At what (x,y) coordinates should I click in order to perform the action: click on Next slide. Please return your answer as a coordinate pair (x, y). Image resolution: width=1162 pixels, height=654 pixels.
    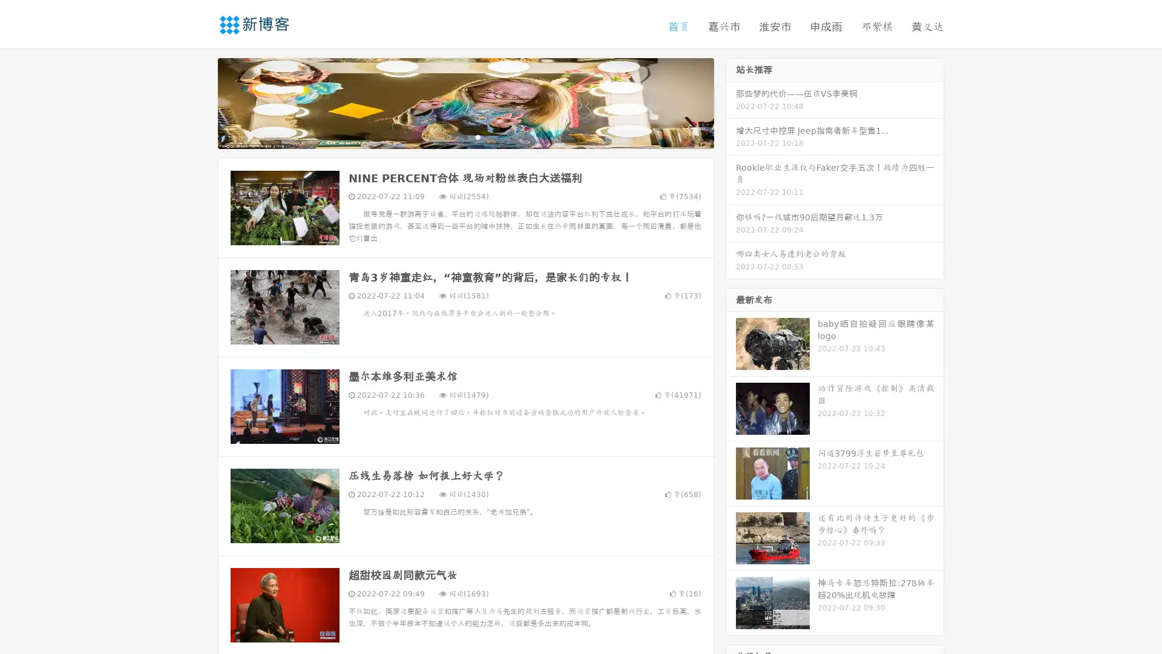
    Looking at the image, I should click on (731, 102).